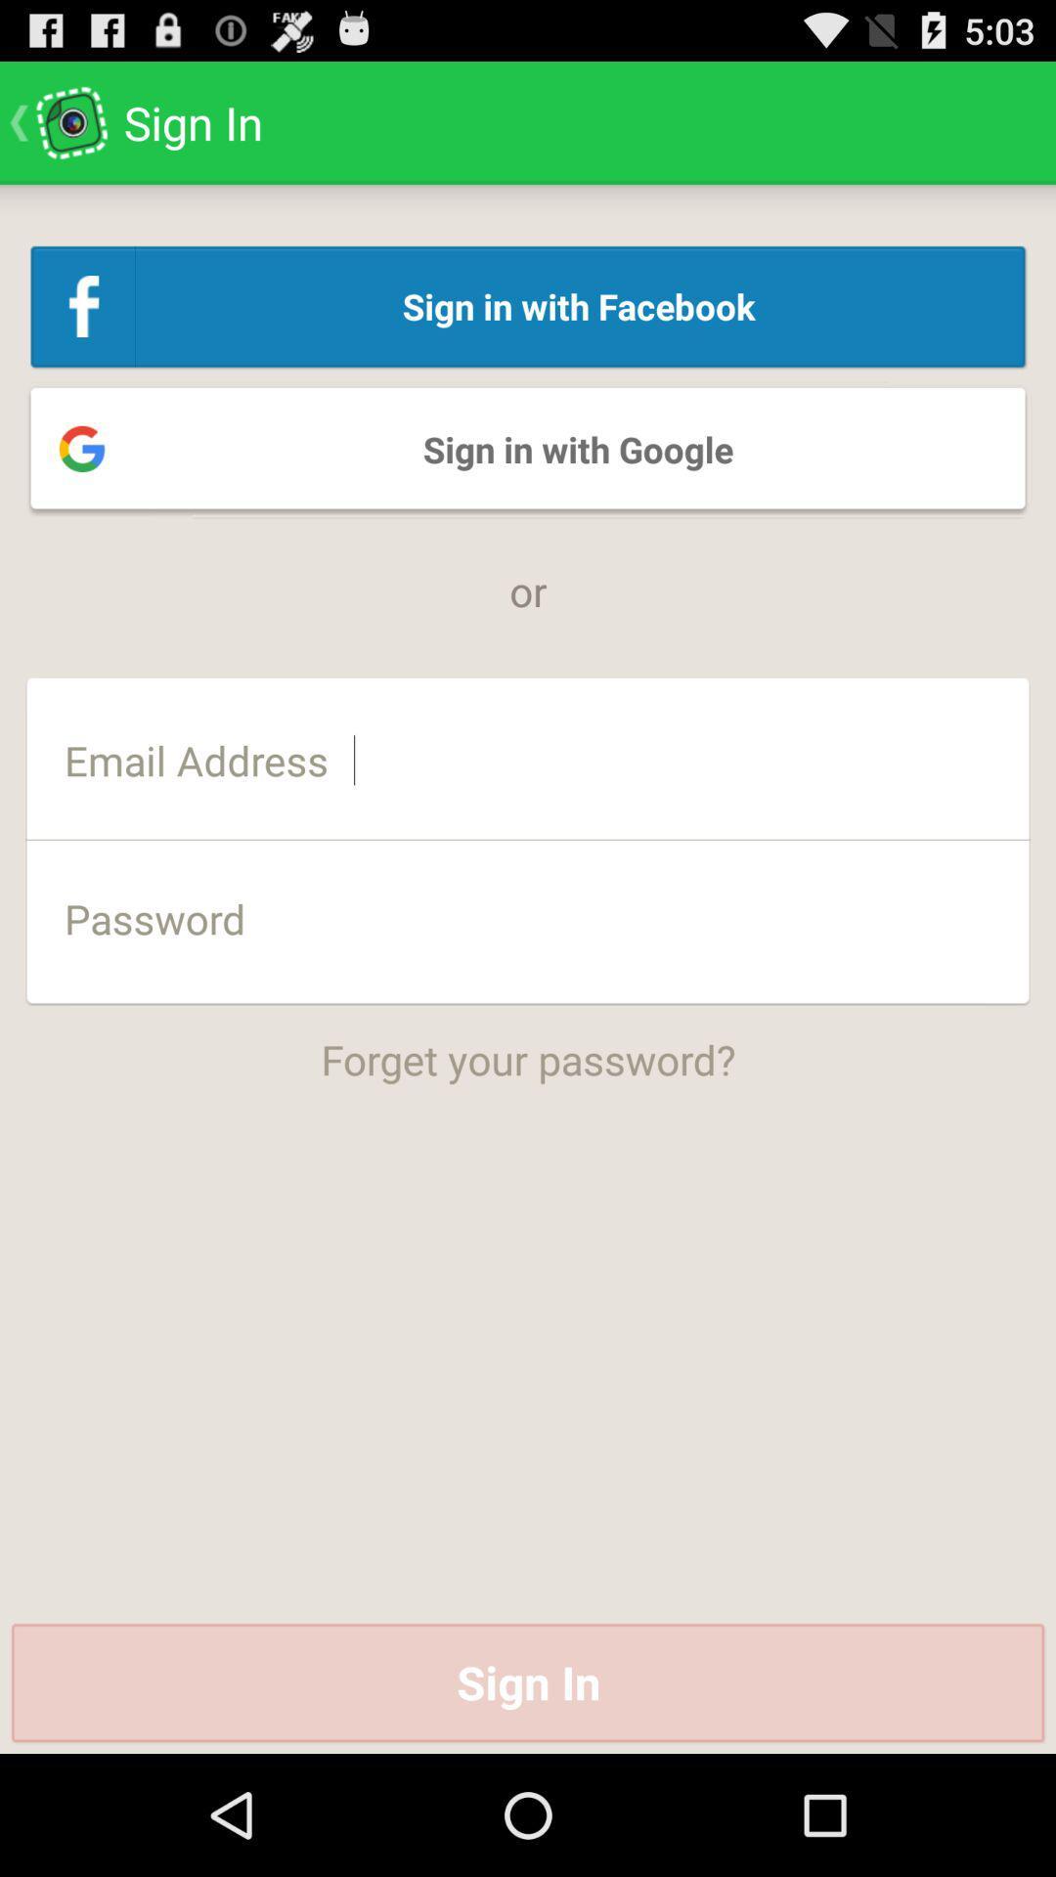 This screenshot has height=1877, width=1056. I want to click on forget your password? icon, so click(528, 1045).